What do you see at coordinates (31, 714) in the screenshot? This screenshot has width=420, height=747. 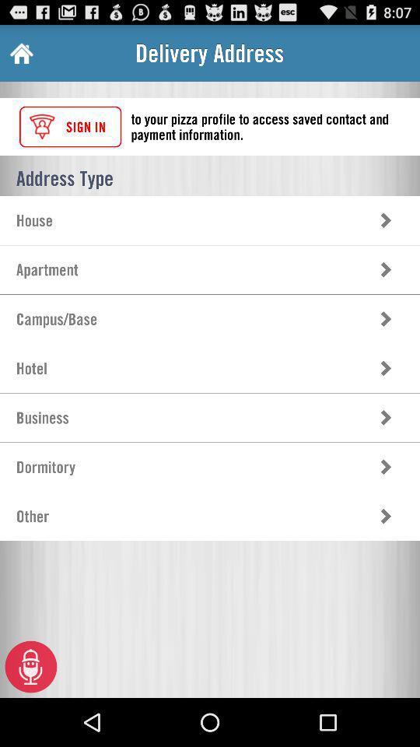 I see `the microphone icon` at bounding box center [31, 714].